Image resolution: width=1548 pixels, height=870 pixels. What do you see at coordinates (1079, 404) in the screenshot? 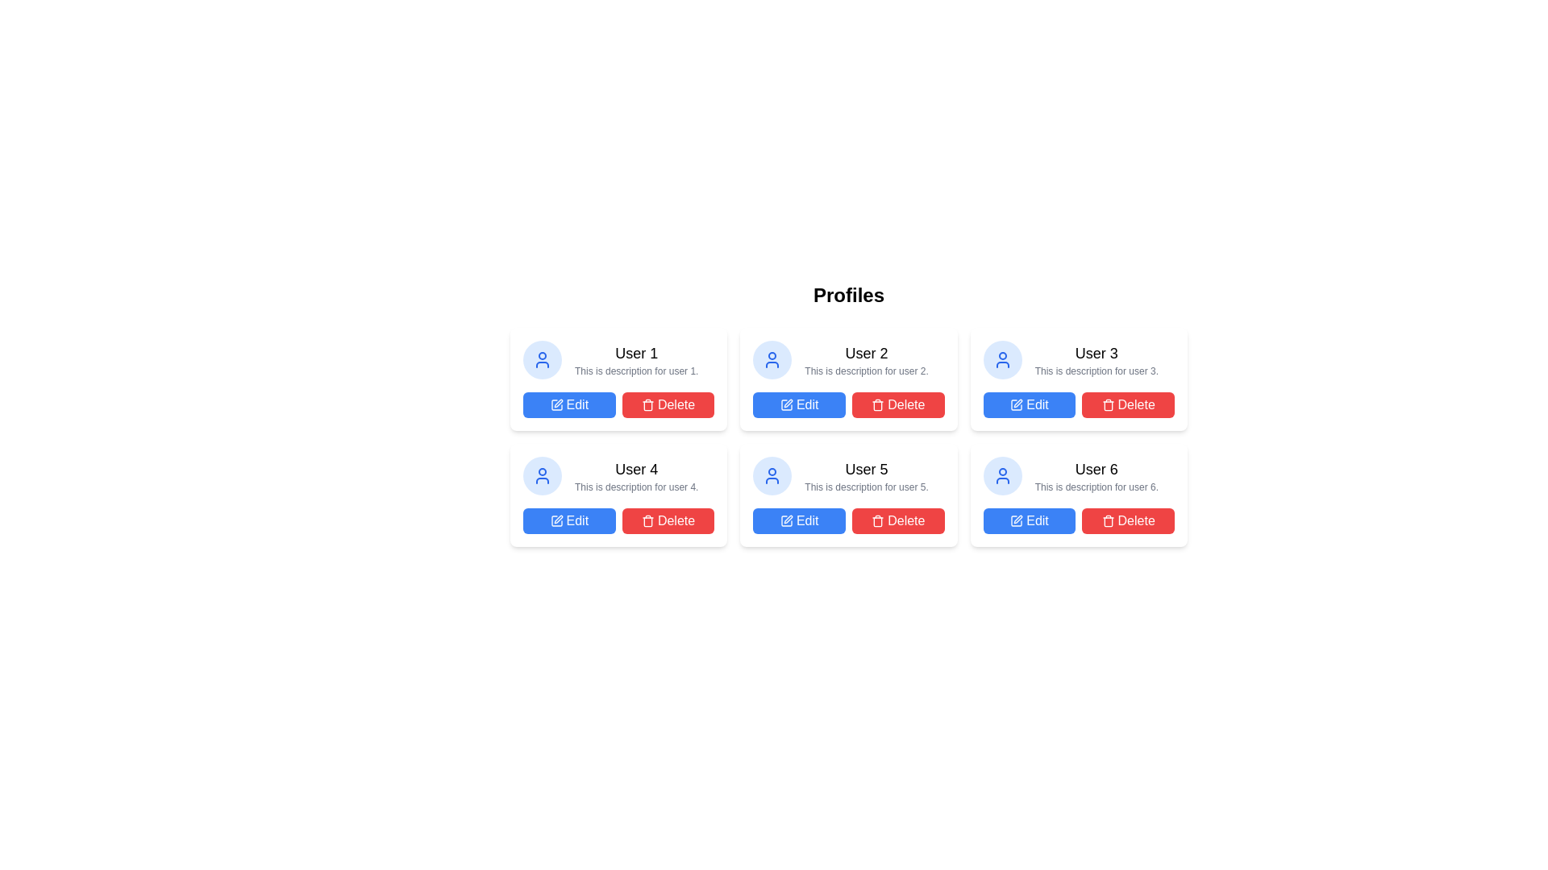
I see `the 'Delete' button in the Button Group located at the bottom section of the card for 'User 3'` at bounding box center [1079, 404].